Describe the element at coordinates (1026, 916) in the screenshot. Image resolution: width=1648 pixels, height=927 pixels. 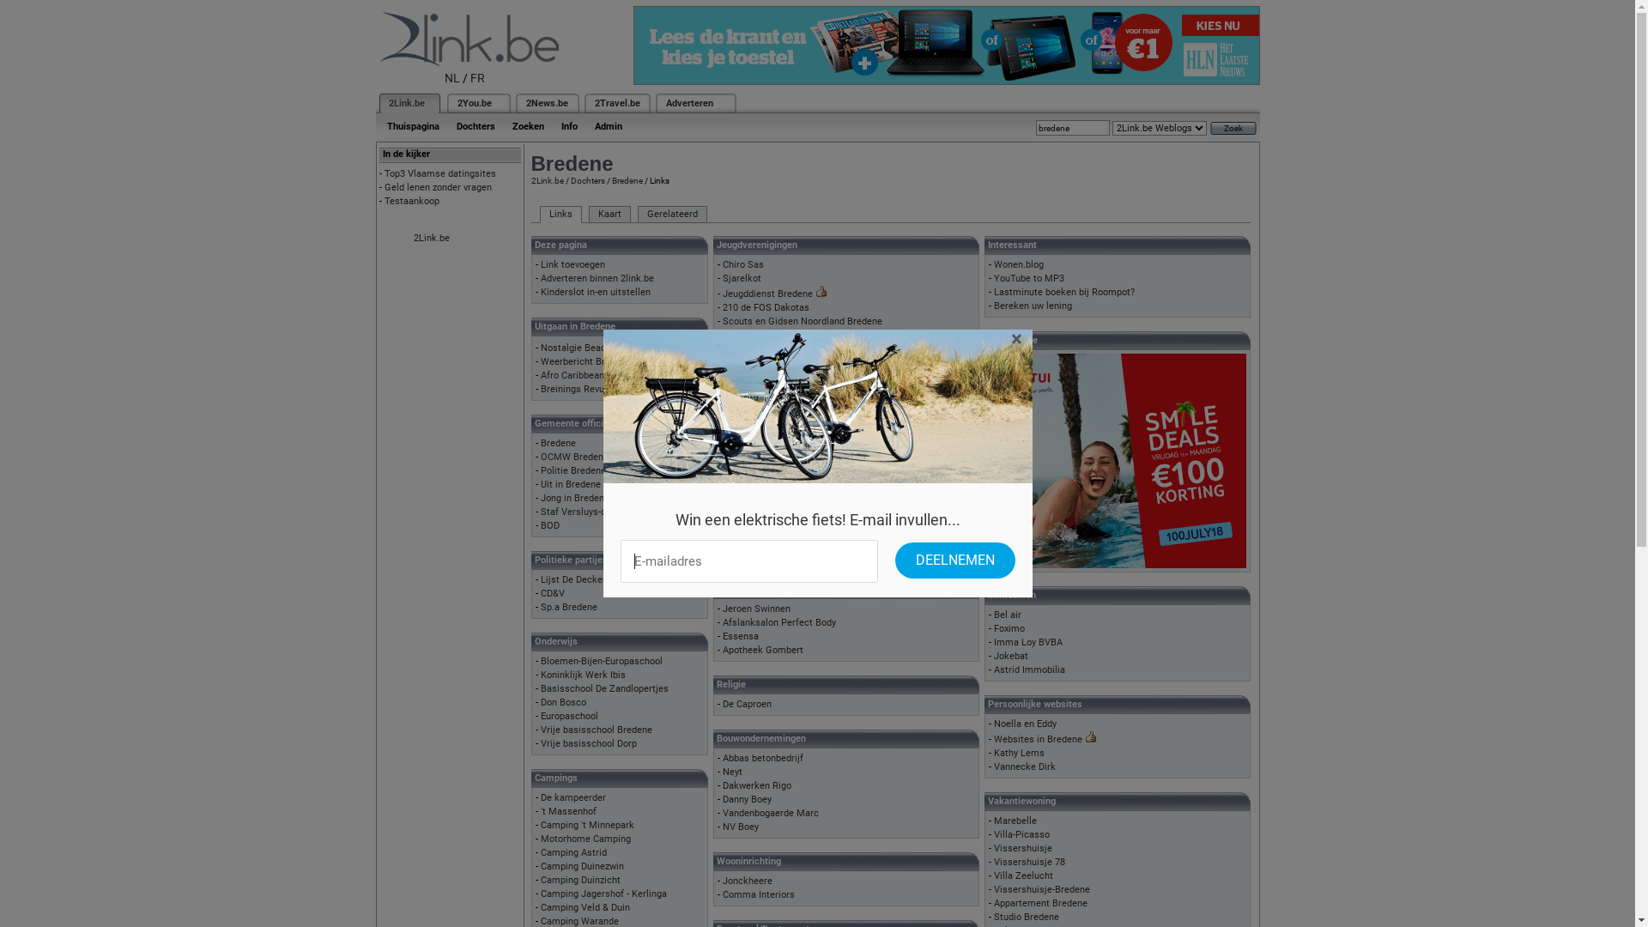
I see `'Studio Bredene'` at that location.